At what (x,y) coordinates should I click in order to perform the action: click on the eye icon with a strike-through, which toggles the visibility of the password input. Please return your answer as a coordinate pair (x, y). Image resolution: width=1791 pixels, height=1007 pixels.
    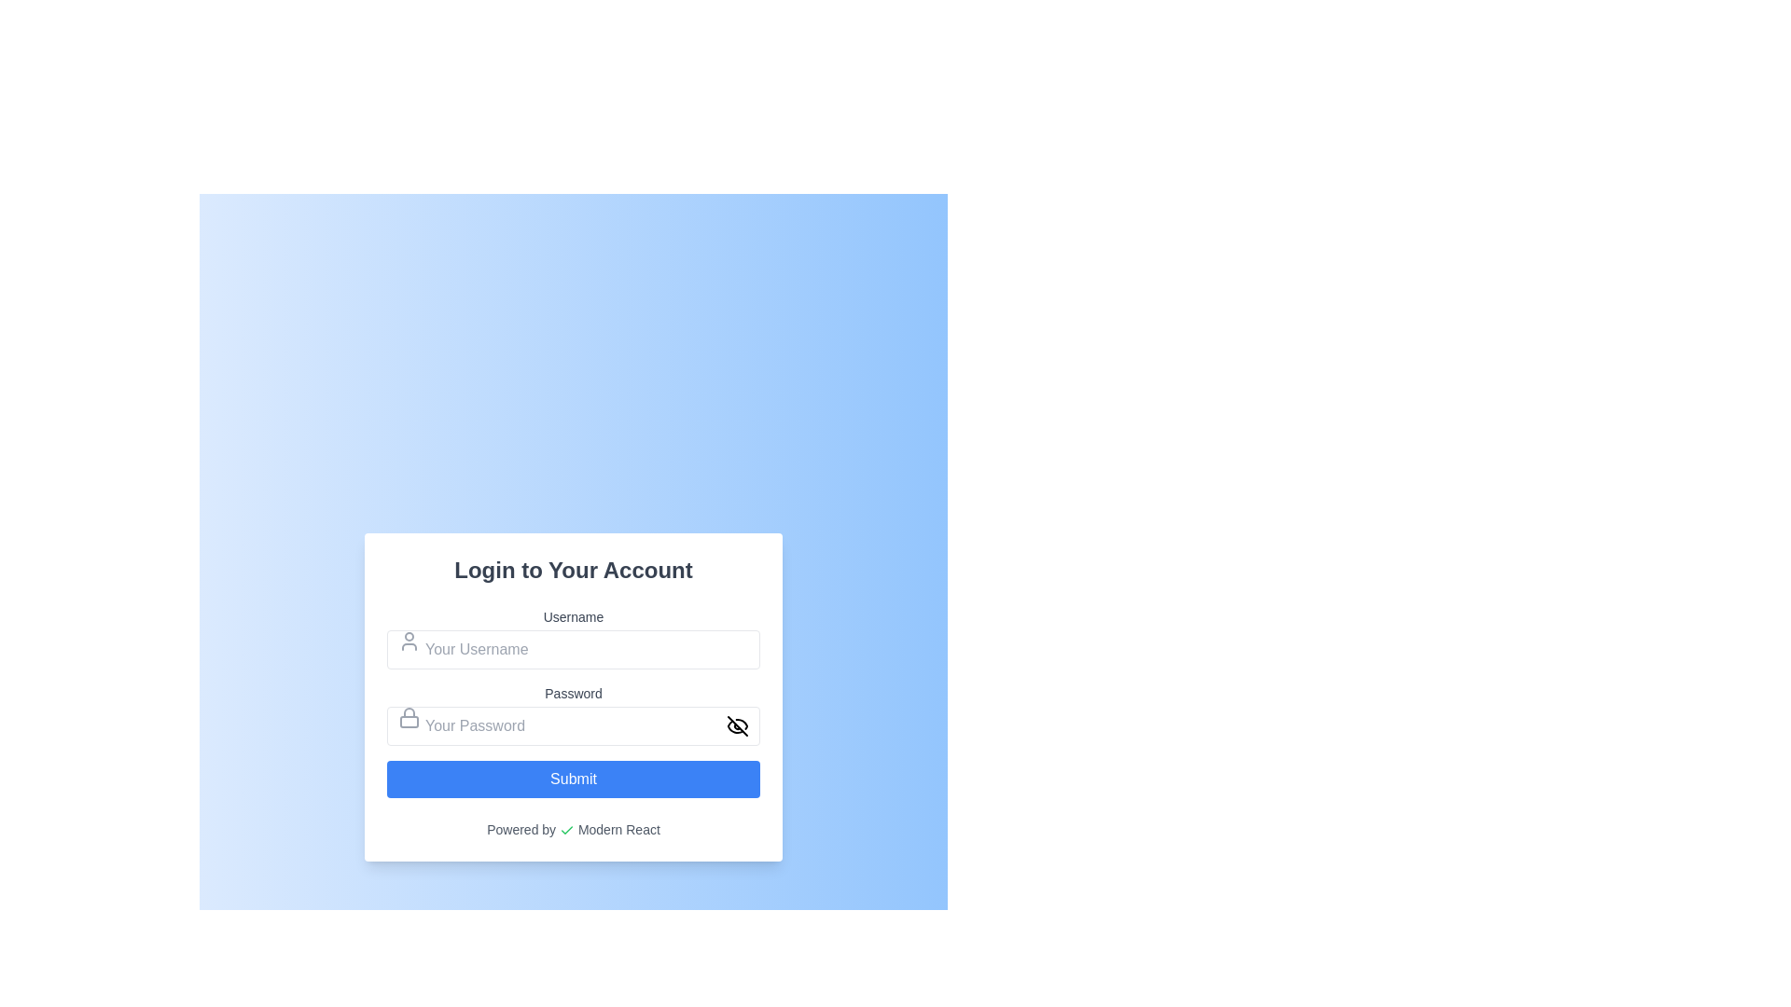
    Looking at the image, I should click on (737, 725).